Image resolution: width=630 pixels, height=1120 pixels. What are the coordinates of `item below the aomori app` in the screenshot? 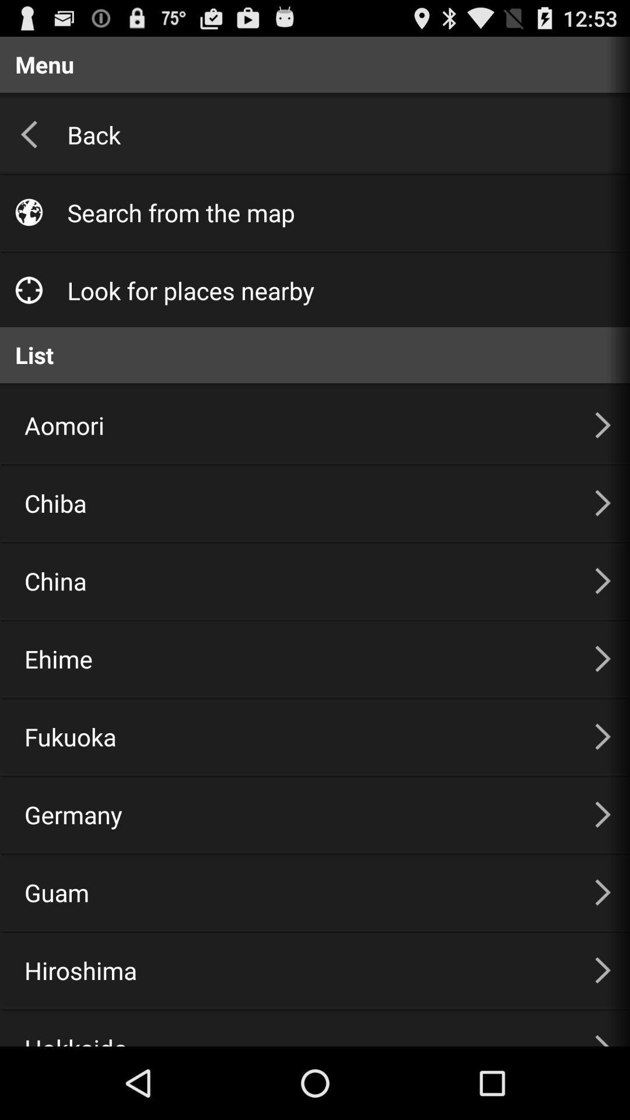 It's located at (295, 503).